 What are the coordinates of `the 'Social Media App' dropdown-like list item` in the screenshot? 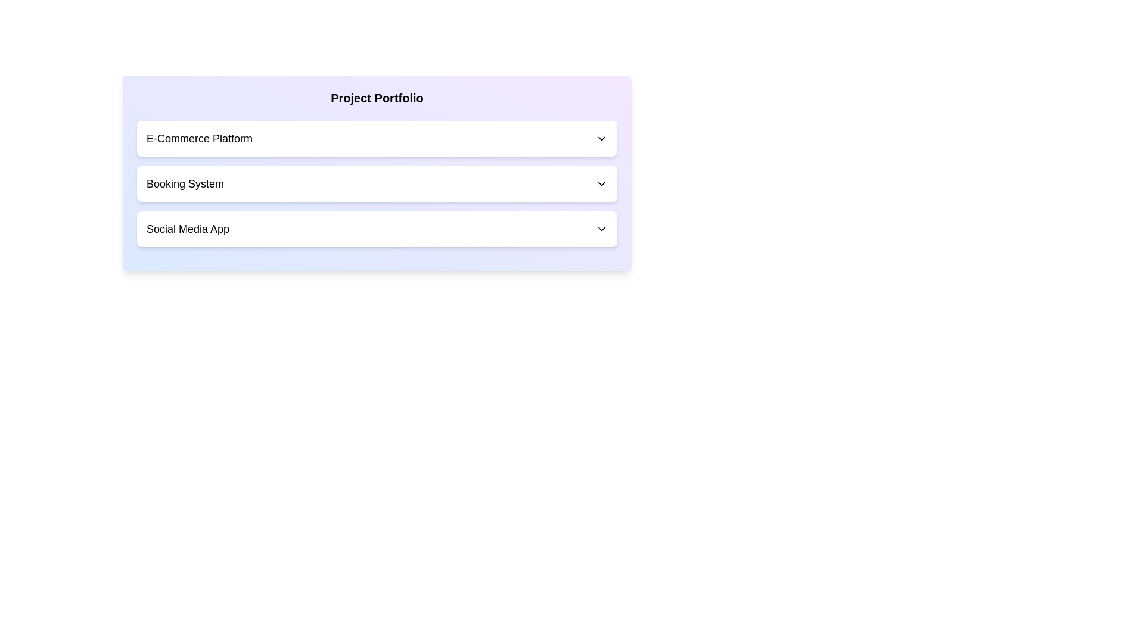 It's located at (377, 229).